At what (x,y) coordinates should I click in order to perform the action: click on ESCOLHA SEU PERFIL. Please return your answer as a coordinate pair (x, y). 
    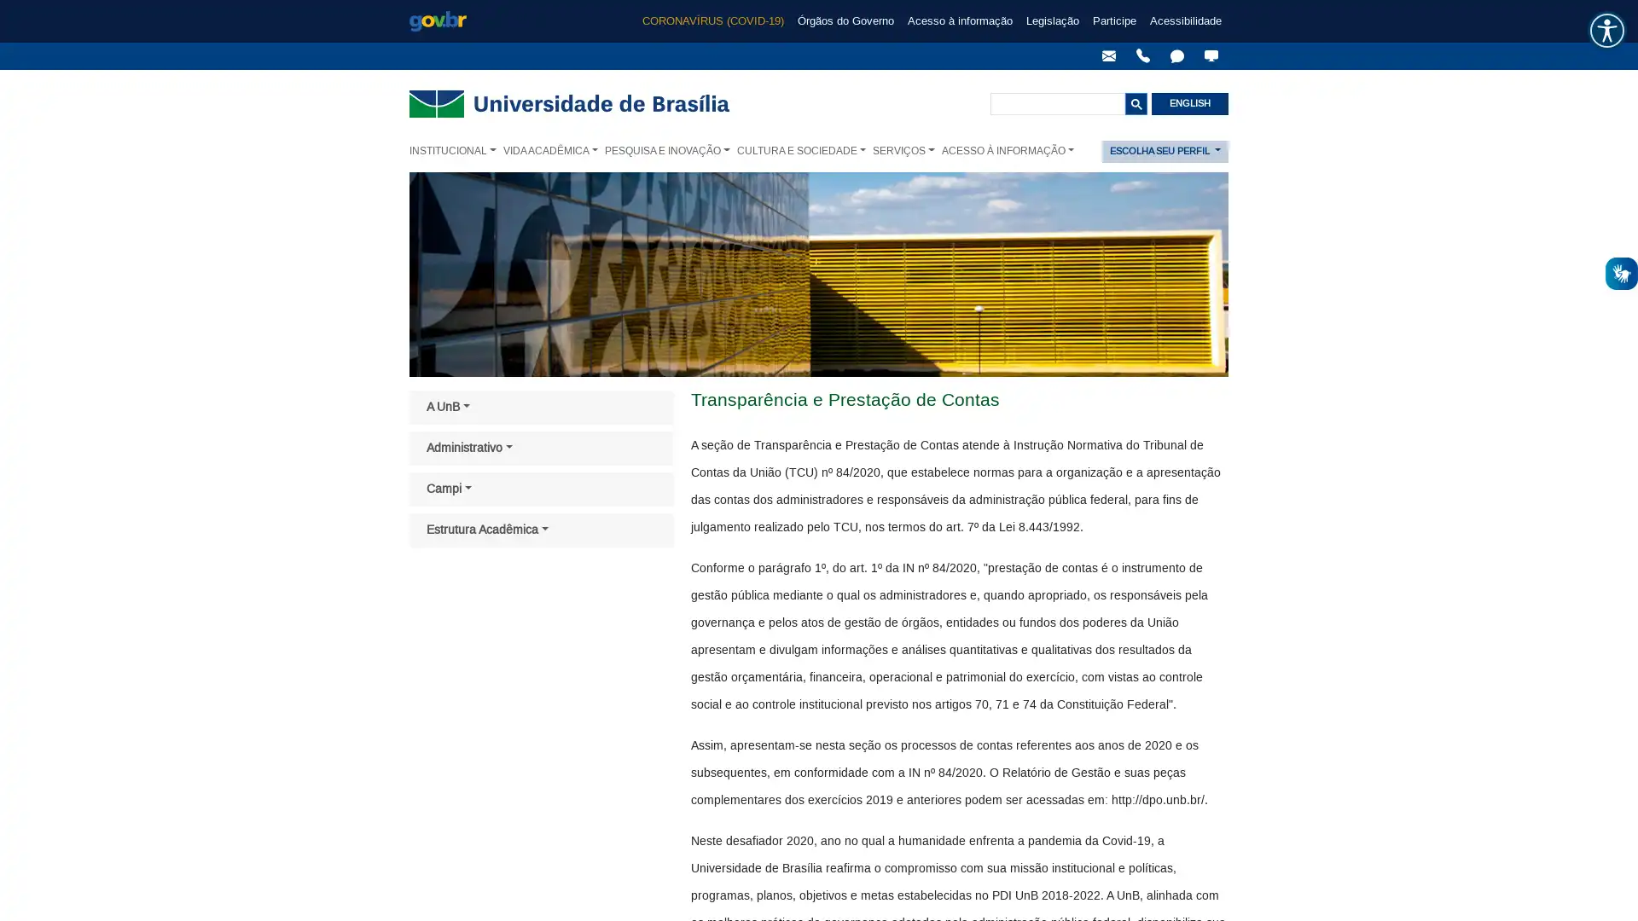
    Looking at the image, I should click on (1165, 150).